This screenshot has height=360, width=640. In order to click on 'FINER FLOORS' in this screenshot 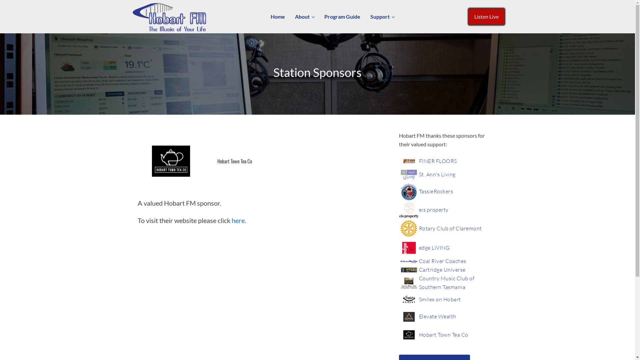, I will do `click(438, 161)`.